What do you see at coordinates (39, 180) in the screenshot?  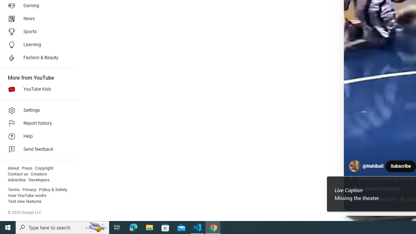 I see `'Developers'` at bounding box center [39, 180].